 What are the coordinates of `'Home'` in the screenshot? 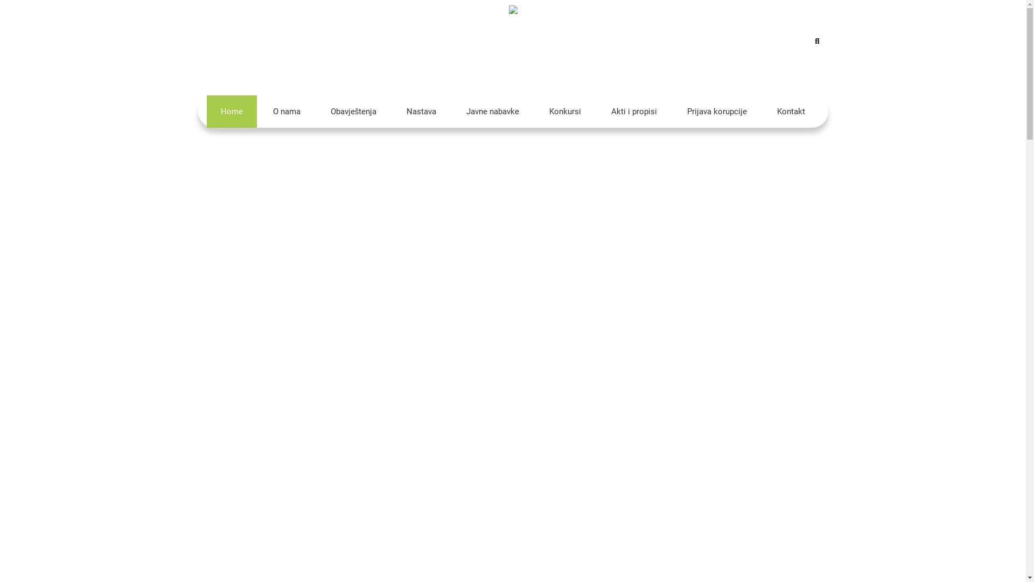 It's located at (207, 112).